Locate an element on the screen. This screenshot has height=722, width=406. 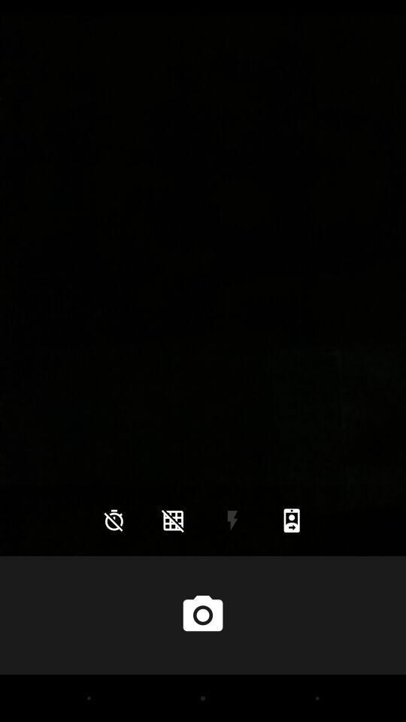
the flash icon is located at coordinates (232, 520).